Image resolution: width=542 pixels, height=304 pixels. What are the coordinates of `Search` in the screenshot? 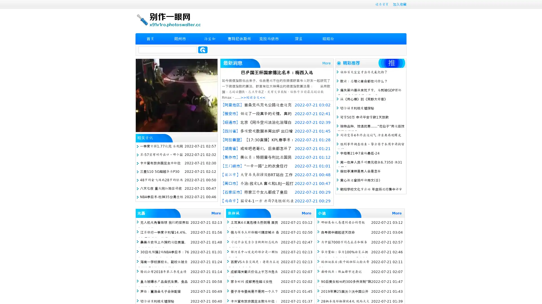 It's located at (203, 50).